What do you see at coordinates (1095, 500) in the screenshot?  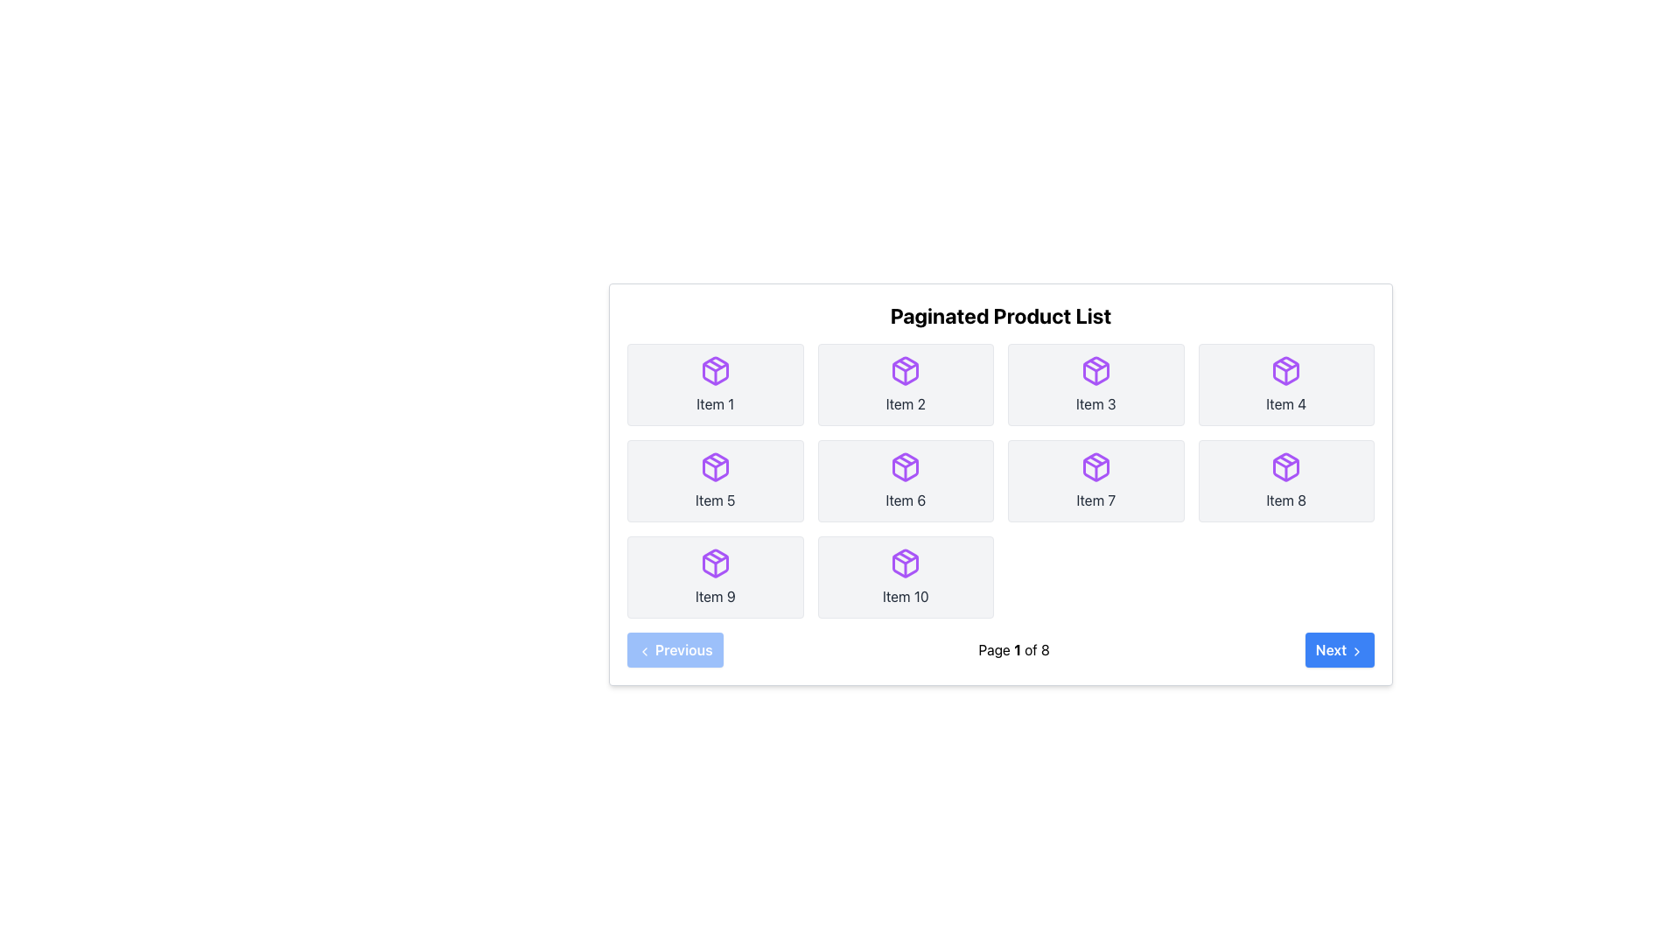 I see `the Text label located in the second row and third column of the 'Paginated Product List' grid, which provides identification for an associated item and is positioned below a purple box icon` at bounding box center [1095, 500].